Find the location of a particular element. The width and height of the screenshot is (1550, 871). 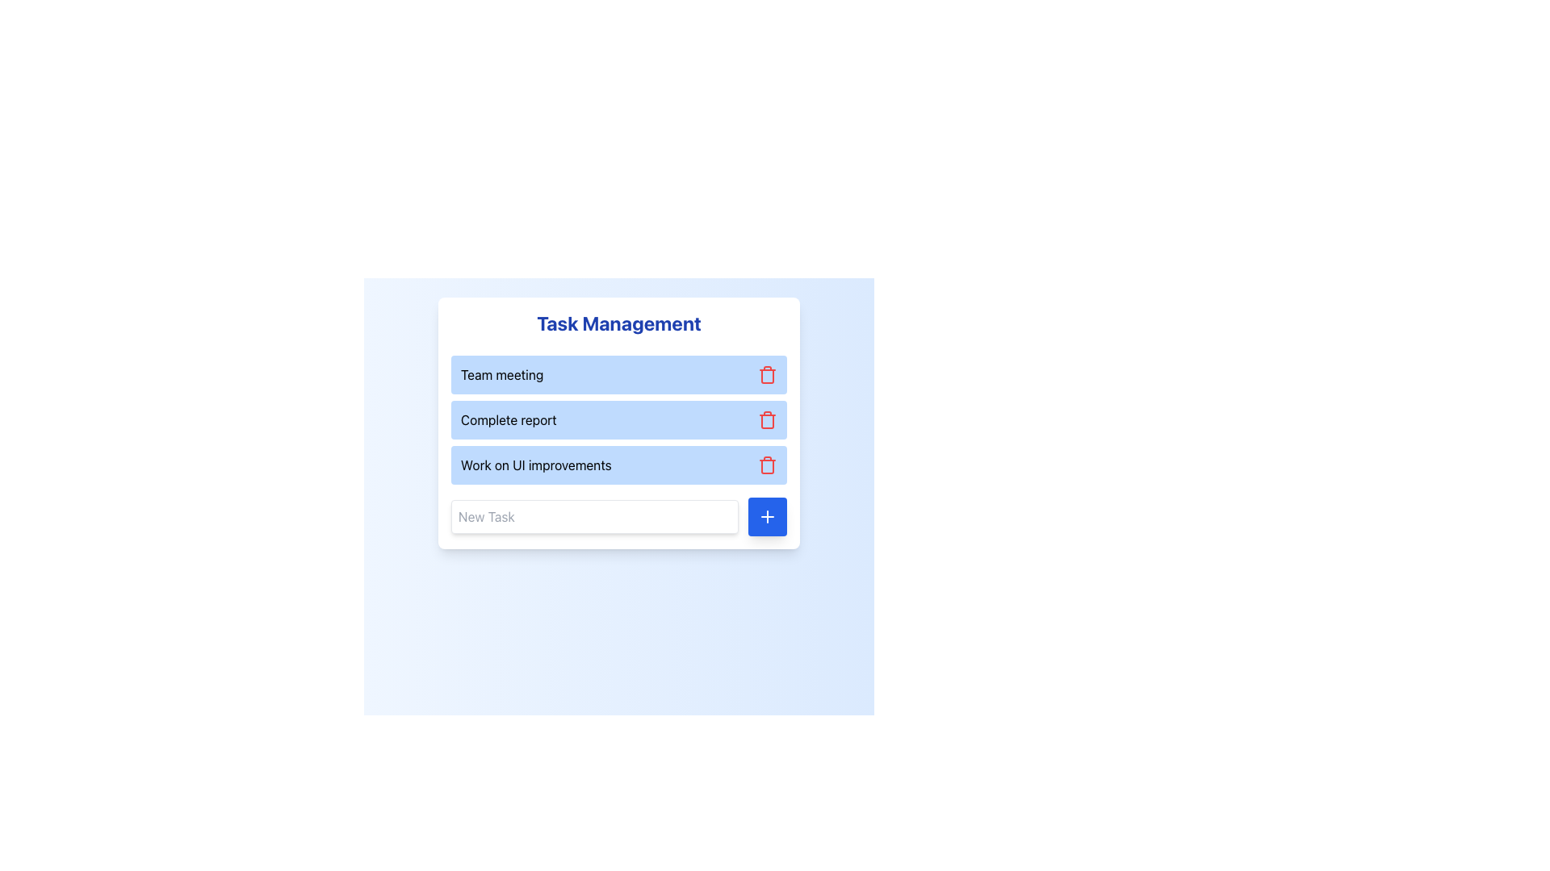

the central '+' icon within the blue circular button at the bottom-right corner of the task management panel is located at coordinates (766, 516).